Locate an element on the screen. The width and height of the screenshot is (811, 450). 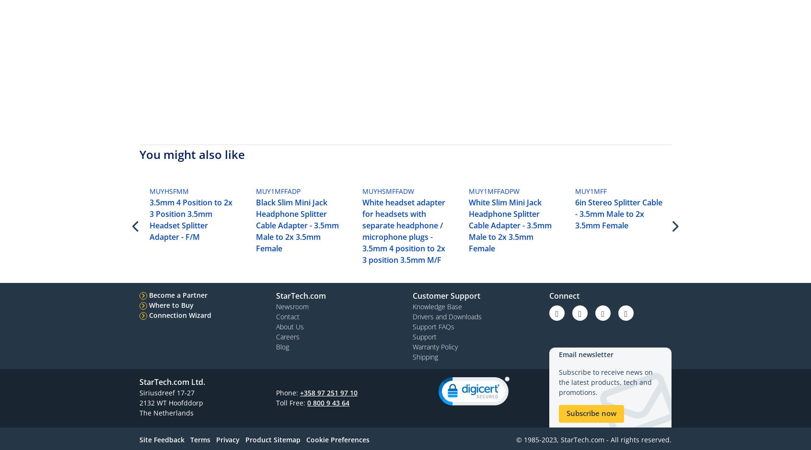
'Customer Support' is located at coordinates (446, 295).